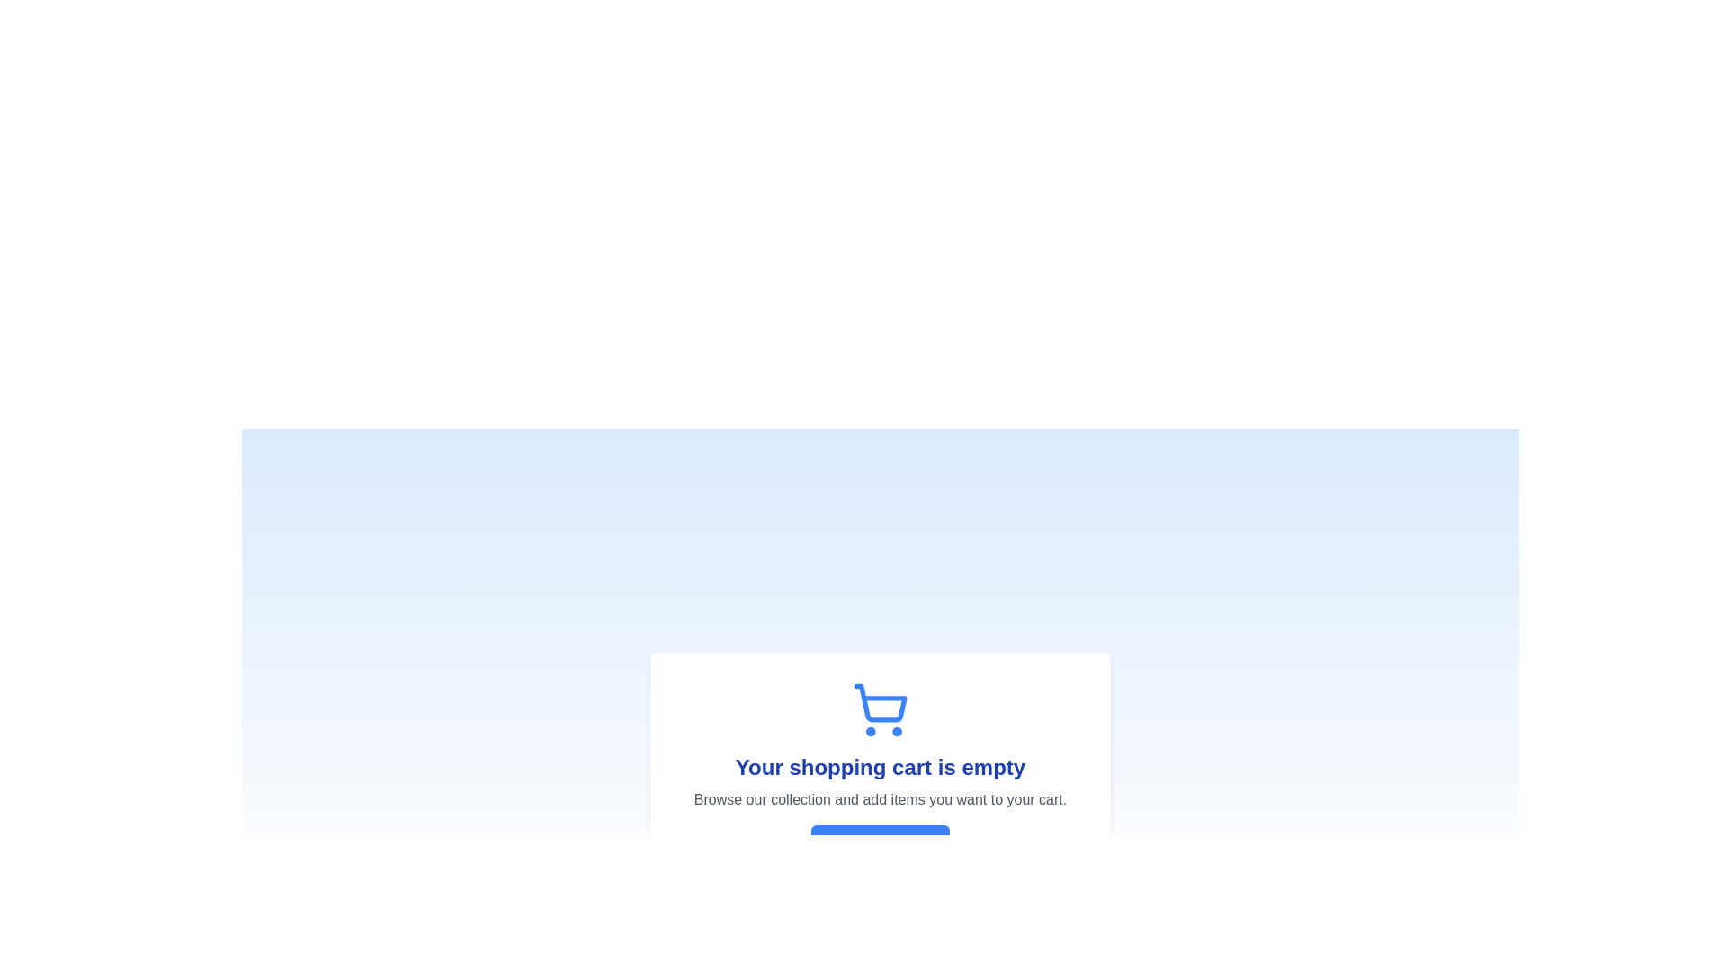 Image resolution: width=1727 pixels, height=971 pixels. Describe the element at coordinates (881, 709) in the screenshot. I see `the decorative shopping cart icon that visually represents an empty shopping cart, located at the top-center of the card containing the text 'Your shopping cart is empty'` at that location.